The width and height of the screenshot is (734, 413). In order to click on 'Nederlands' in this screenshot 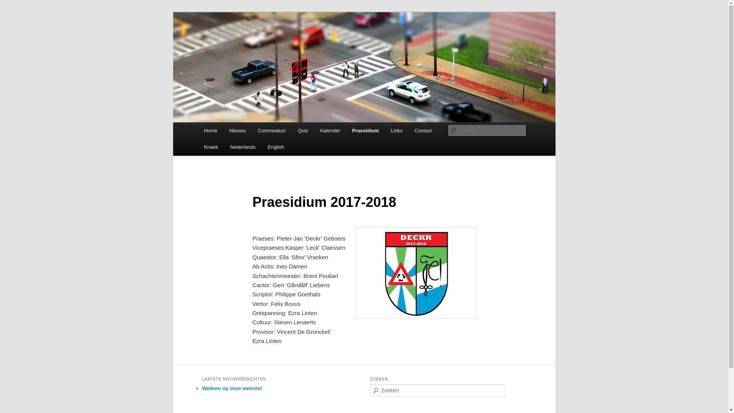, I will do `click(242, 147)`.